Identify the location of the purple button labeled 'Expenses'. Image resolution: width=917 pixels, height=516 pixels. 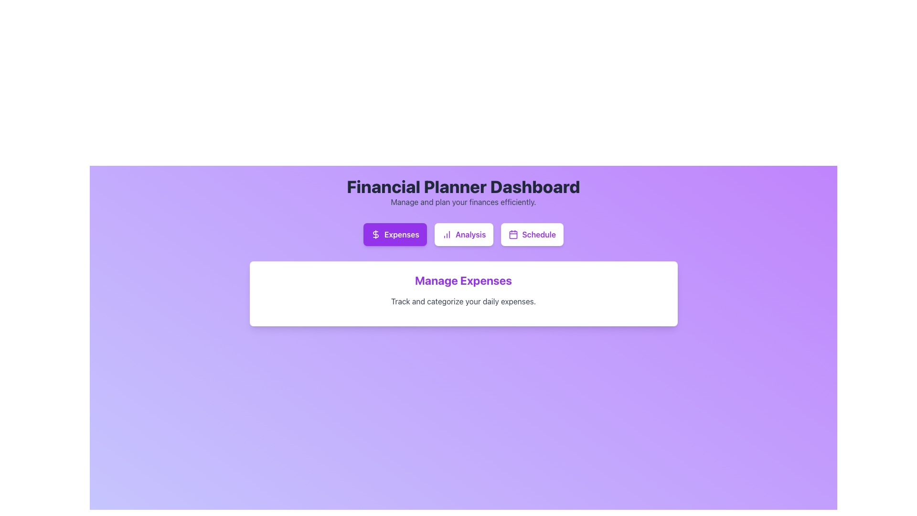
(395, 234).